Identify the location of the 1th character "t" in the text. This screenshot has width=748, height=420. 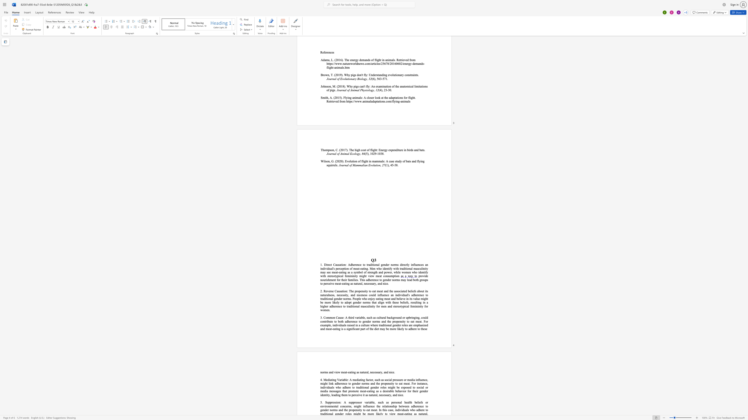
(344, 268).